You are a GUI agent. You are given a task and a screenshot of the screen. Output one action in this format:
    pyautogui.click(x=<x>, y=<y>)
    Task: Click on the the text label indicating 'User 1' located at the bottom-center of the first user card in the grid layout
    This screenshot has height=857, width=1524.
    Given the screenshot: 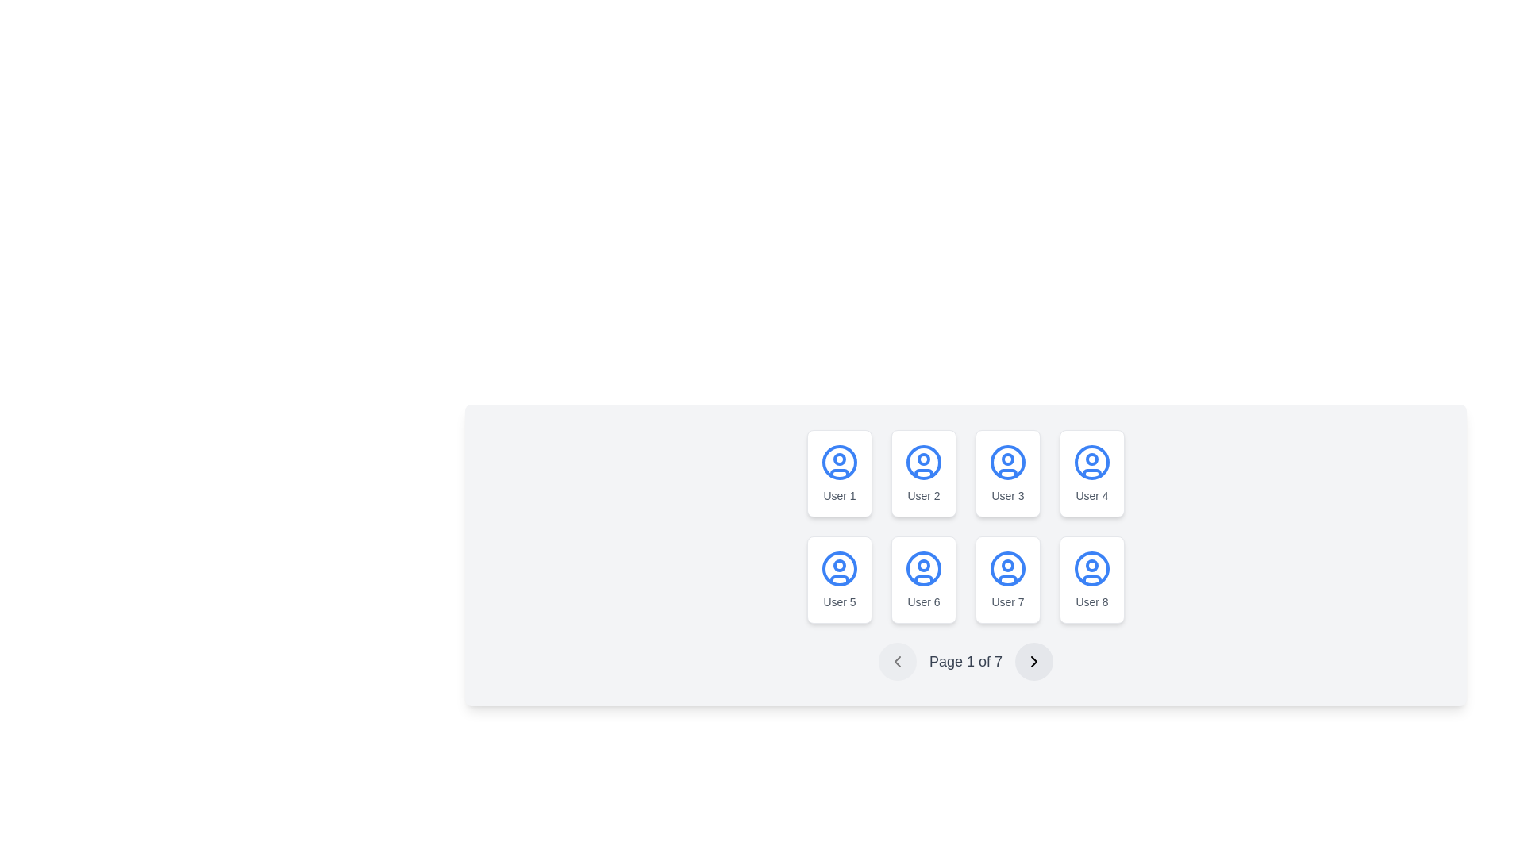 What is the action you would take?
    pyautogui.click(x=838, y=494)
    